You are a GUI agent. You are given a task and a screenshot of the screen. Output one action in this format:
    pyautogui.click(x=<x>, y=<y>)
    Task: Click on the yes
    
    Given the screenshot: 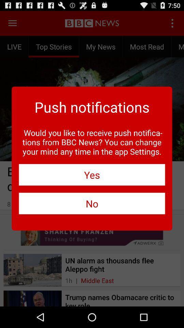 What is the action you would take?
    pyautogui.click(x=92, y=174)
    